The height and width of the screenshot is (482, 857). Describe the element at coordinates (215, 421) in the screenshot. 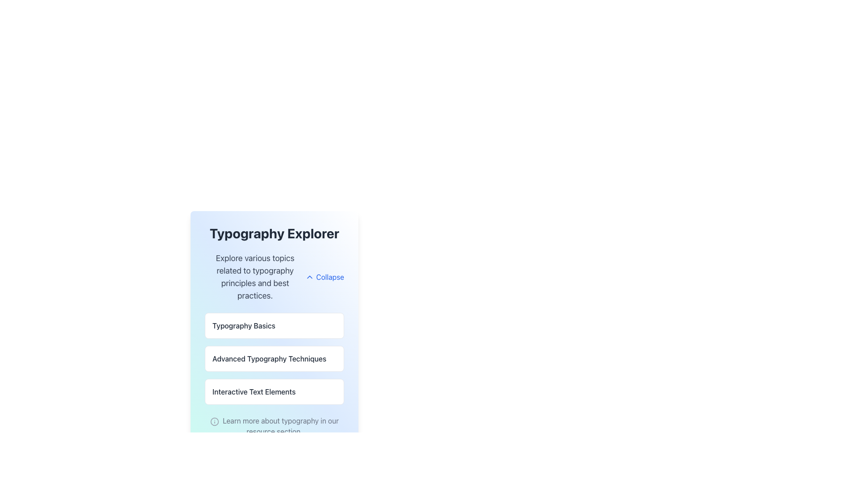

I see `the Circular SVG Icon with a gray outline and blue-tinted background located next to the 'Learn more about typography in our resource section' link` at that location.